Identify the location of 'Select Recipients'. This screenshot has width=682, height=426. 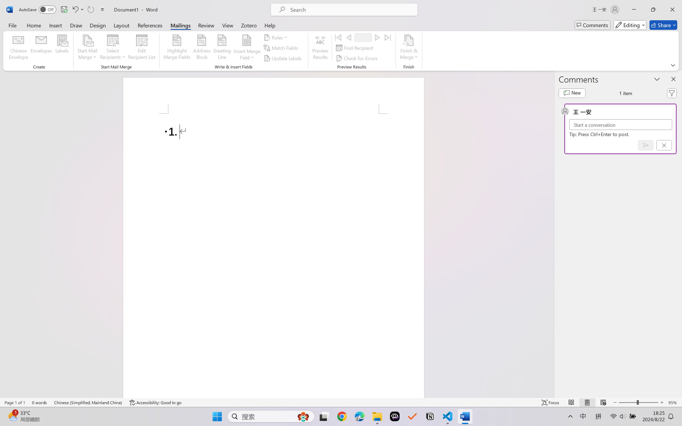
(112, 48).